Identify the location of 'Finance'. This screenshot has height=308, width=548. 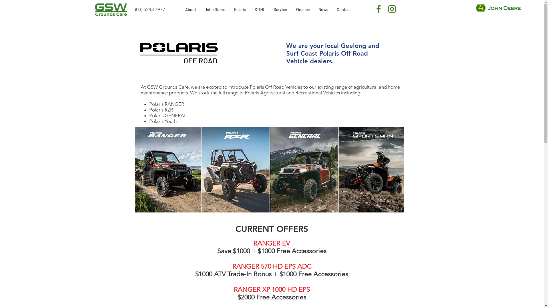
(302, 9).